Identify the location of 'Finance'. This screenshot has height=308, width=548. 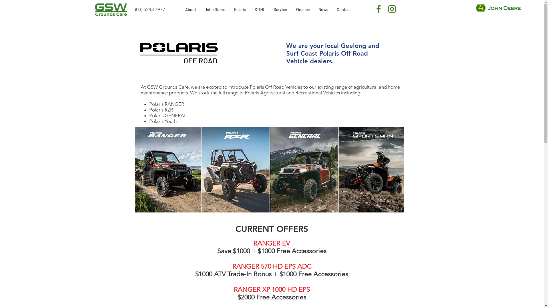
(302, 9).